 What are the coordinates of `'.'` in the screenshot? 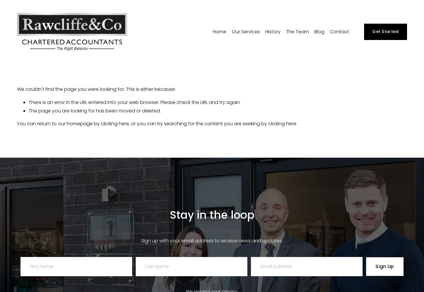 It's located at (296, 124).